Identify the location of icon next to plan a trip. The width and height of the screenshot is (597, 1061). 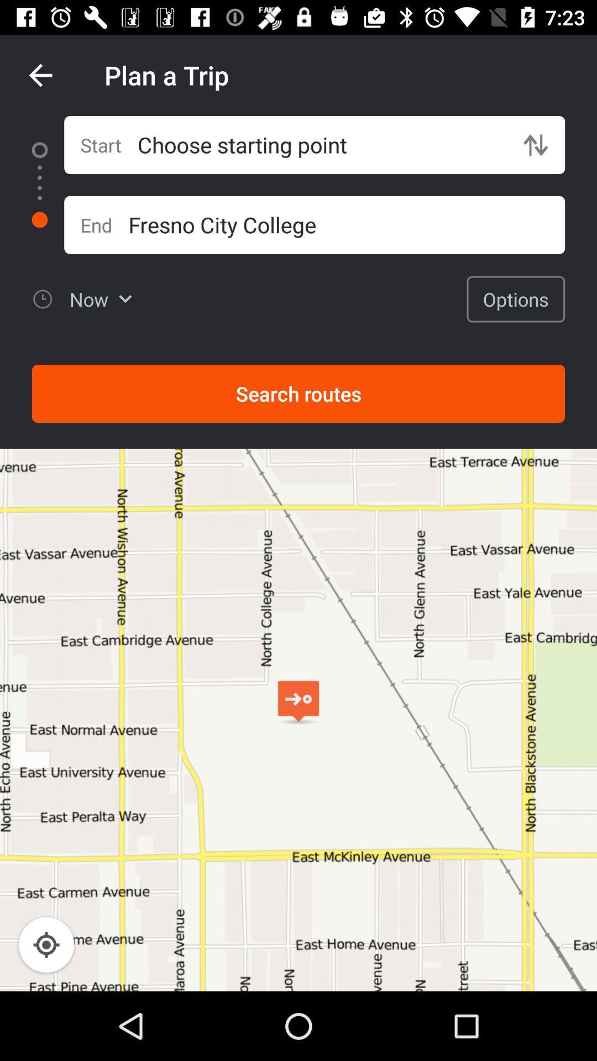
(40, 75).